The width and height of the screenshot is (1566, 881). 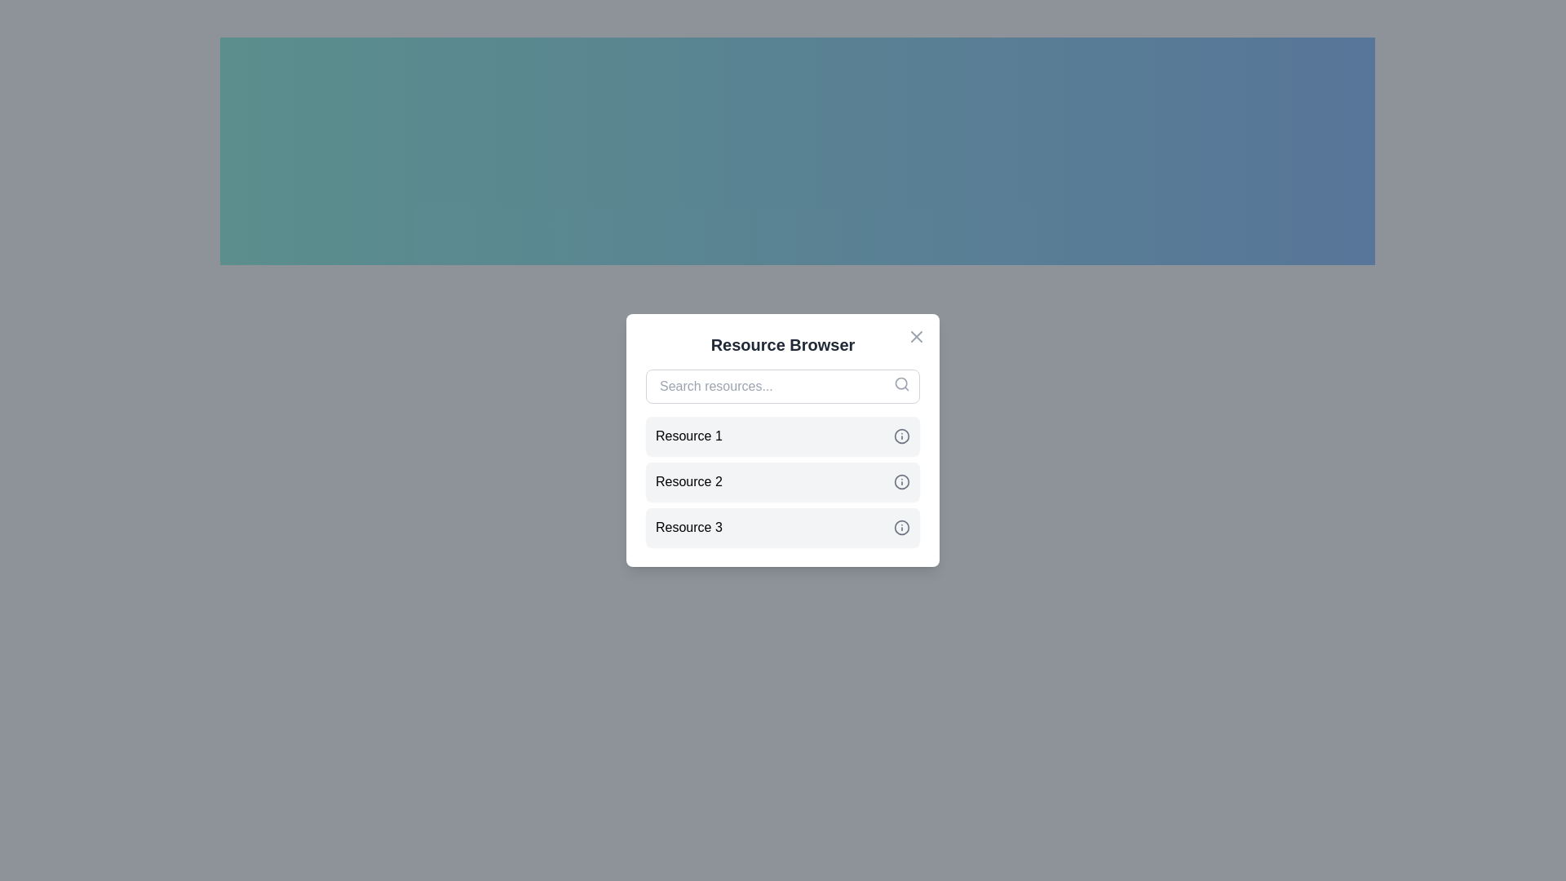 What do you see at coordinates (688, 480) in the screenshot?
I see `the static text label displaying 'Resource 2' located in the light gray box within the 'Resource Browser' modal` at bounding box center [688, 480].